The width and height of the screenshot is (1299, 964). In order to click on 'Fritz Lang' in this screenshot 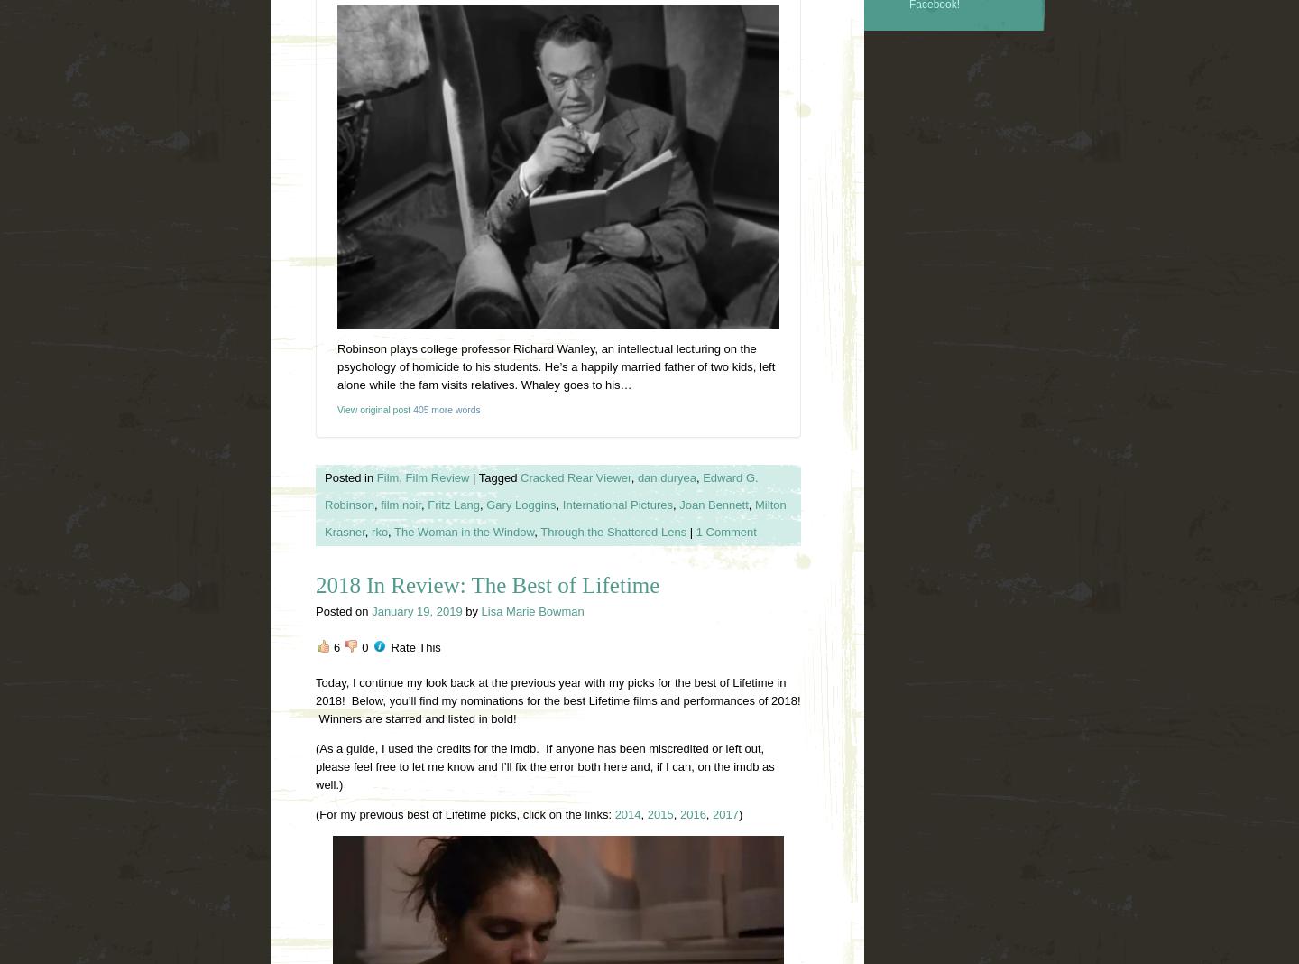, I will do `click(452, 503)`.